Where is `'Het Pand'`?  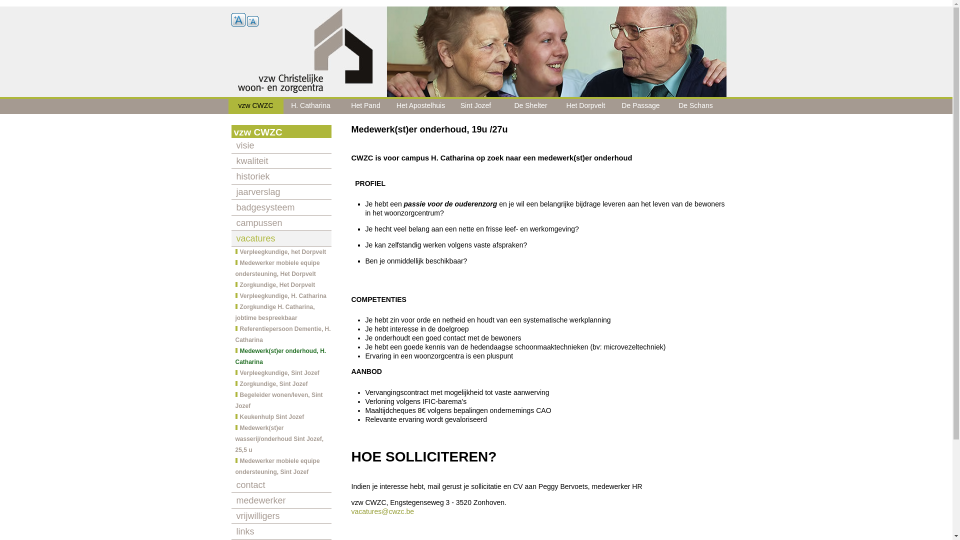 'Het Pand' is located at coordinates (364, 105).